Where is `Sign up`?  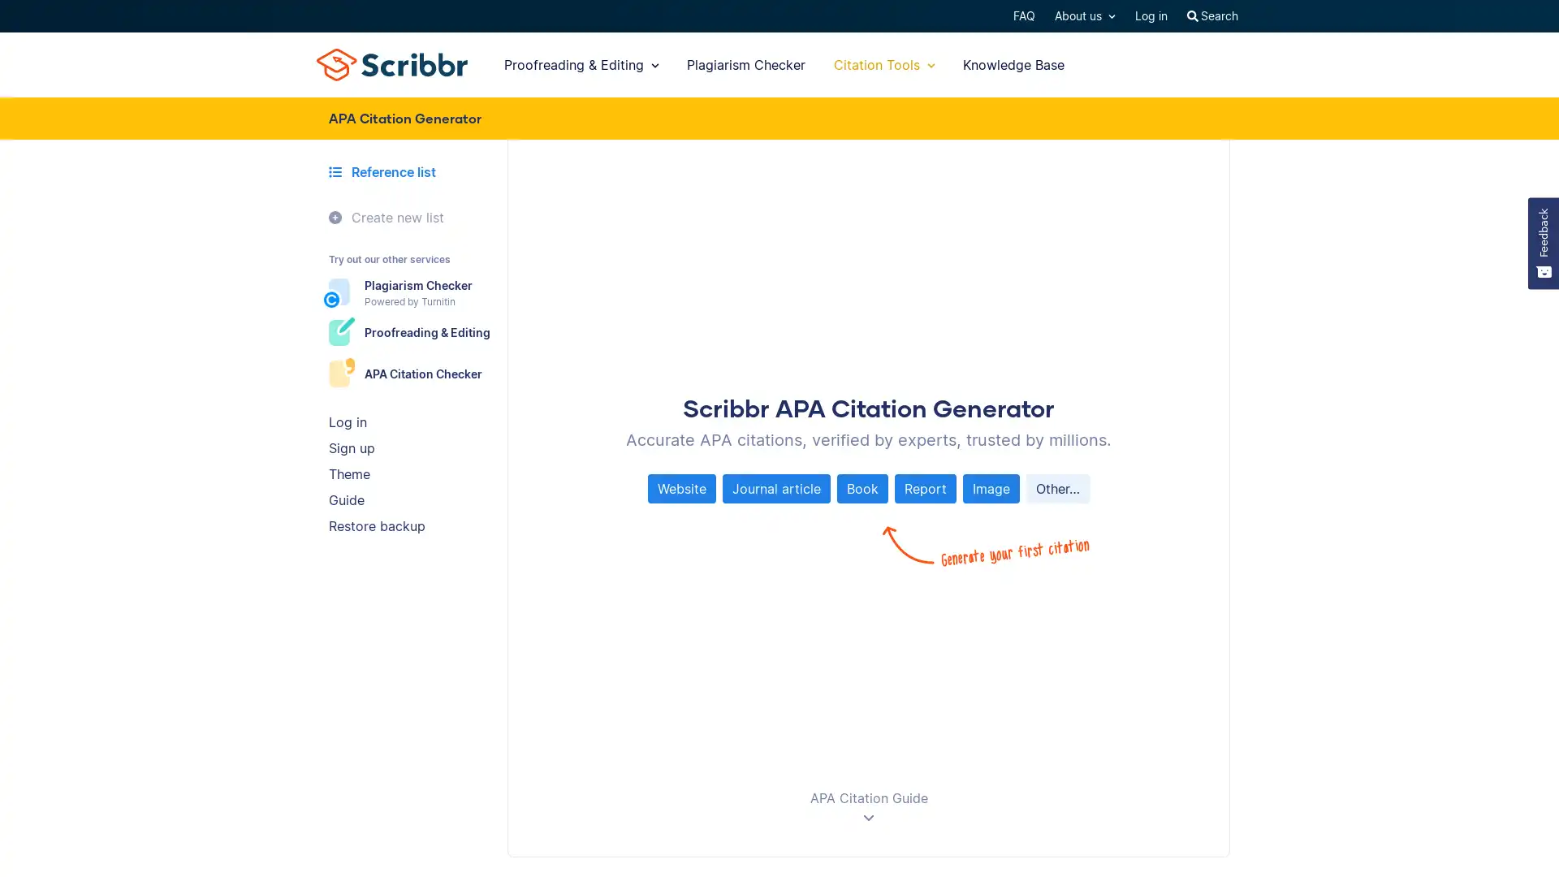 Sign up is located at coordinates (412, 447).